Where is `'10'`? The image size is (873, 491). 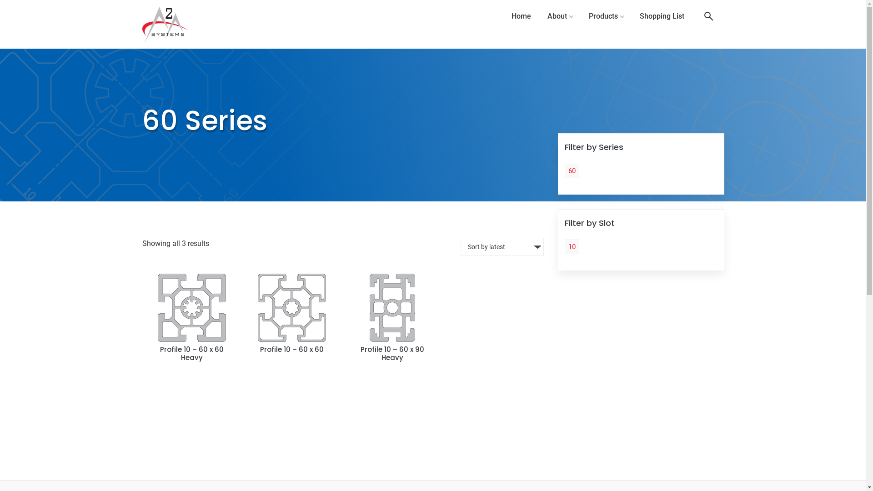 '10' is located at coordinates (571, 247).